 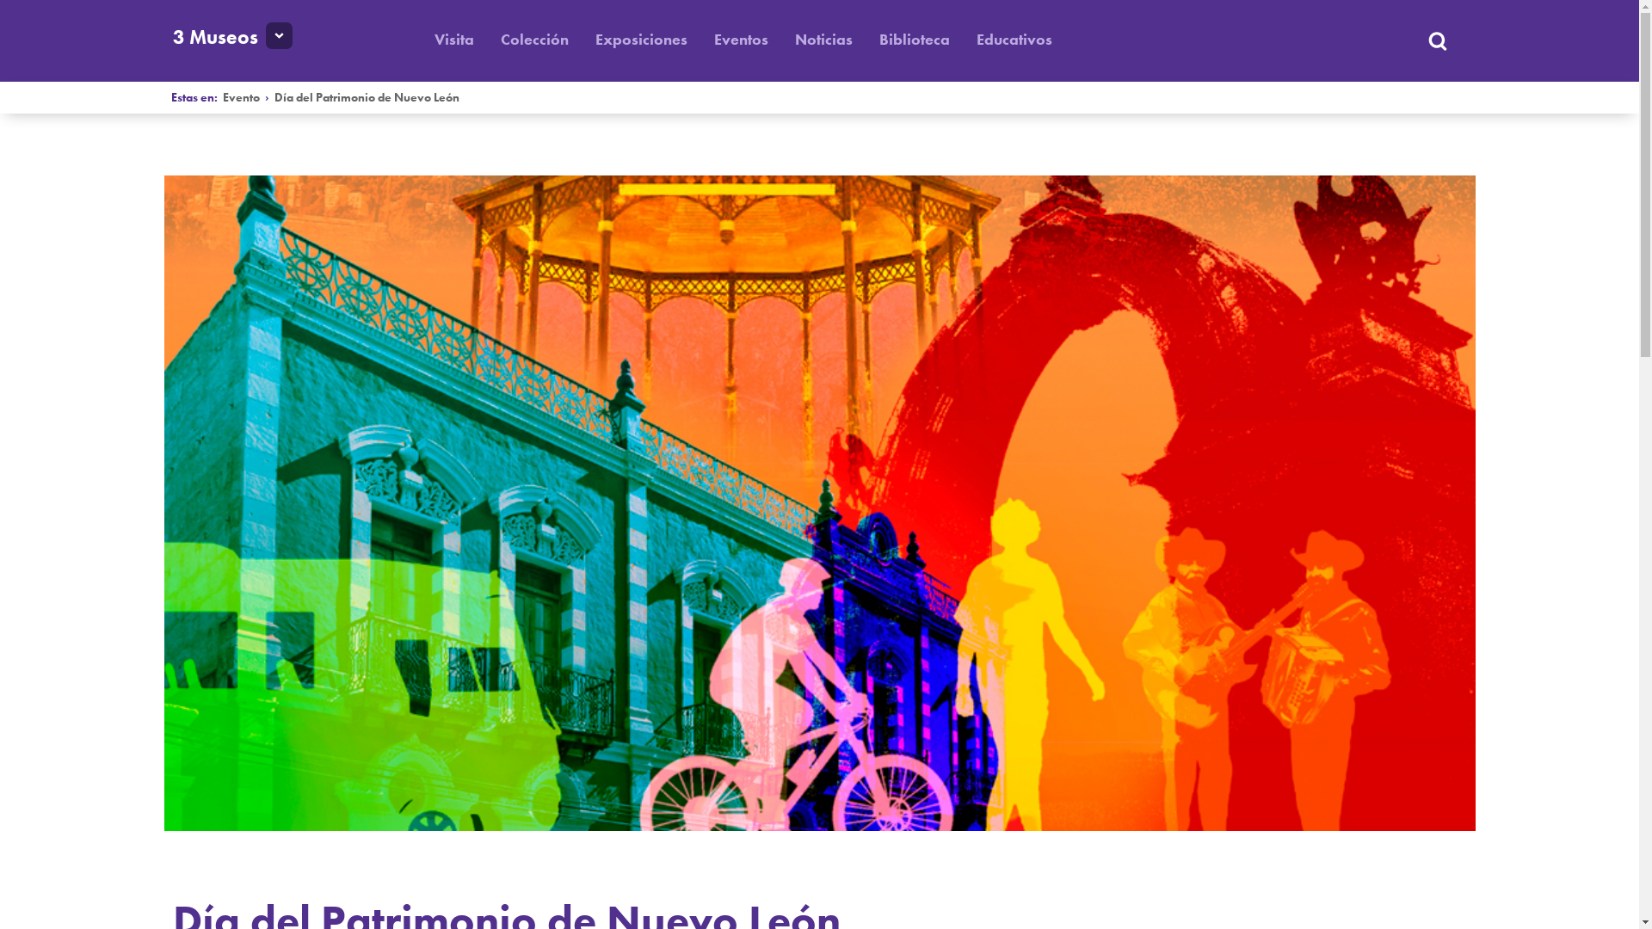 What do you see at coordinates (741, 39) in the screenshot?
I see `'Eventos'` at bounding box center [741, 39].